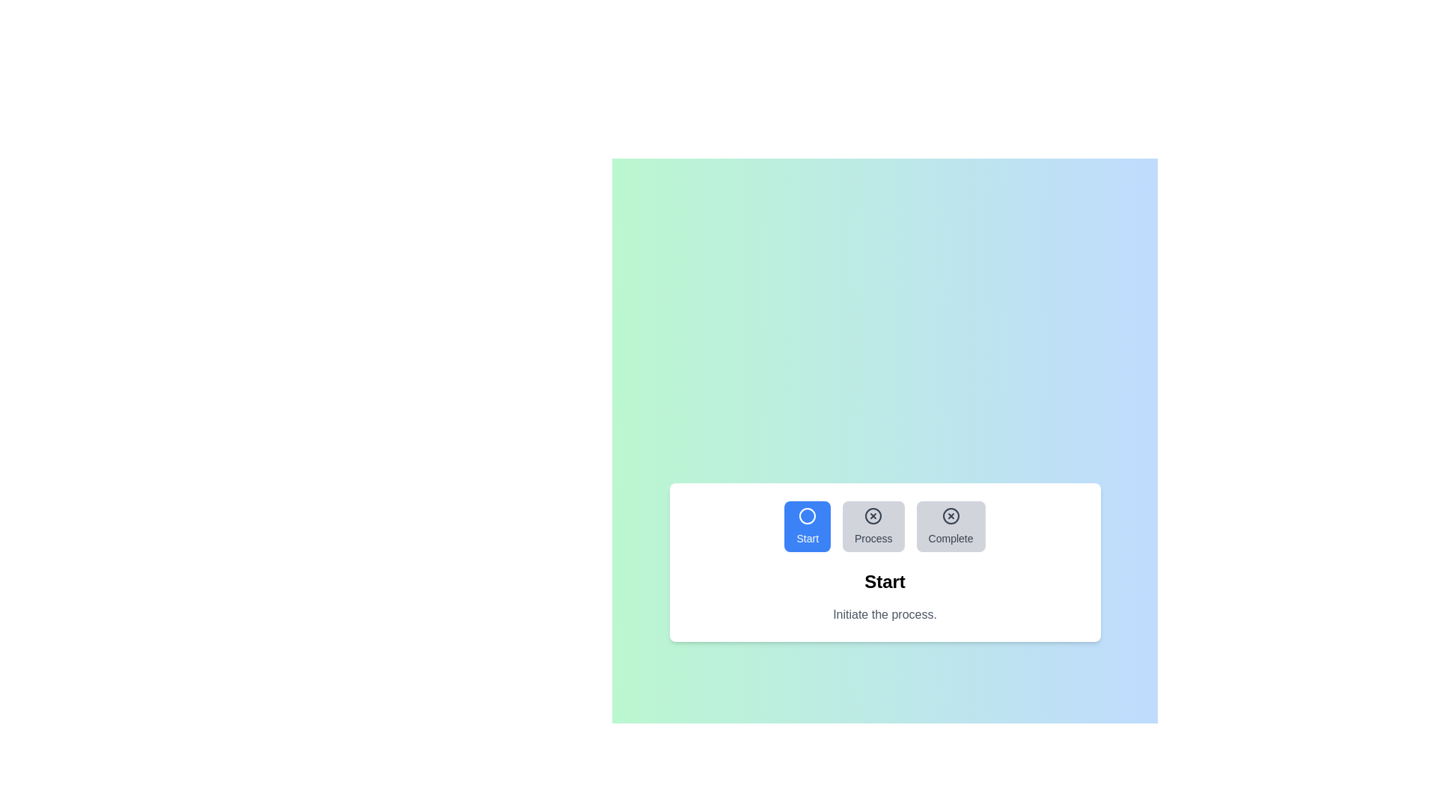  I want to click on the 'Start' text label located at the bottom of the blue rectangular button with rounded corners, which is the first button in a horizontal row of three similar buttons, so click(807, 539).